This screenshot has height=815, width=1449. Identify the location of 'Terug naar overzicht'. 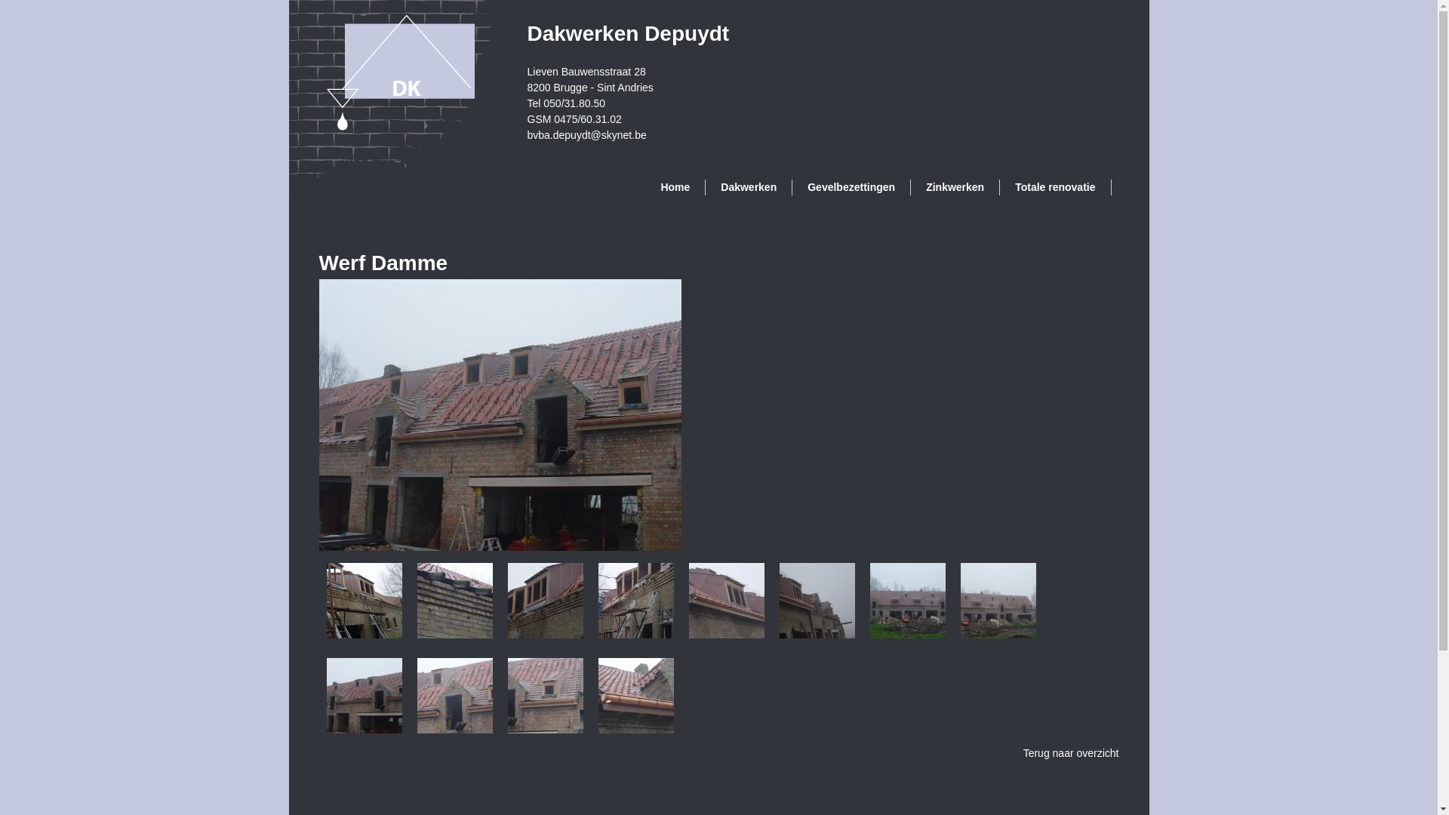
(1070, 753).